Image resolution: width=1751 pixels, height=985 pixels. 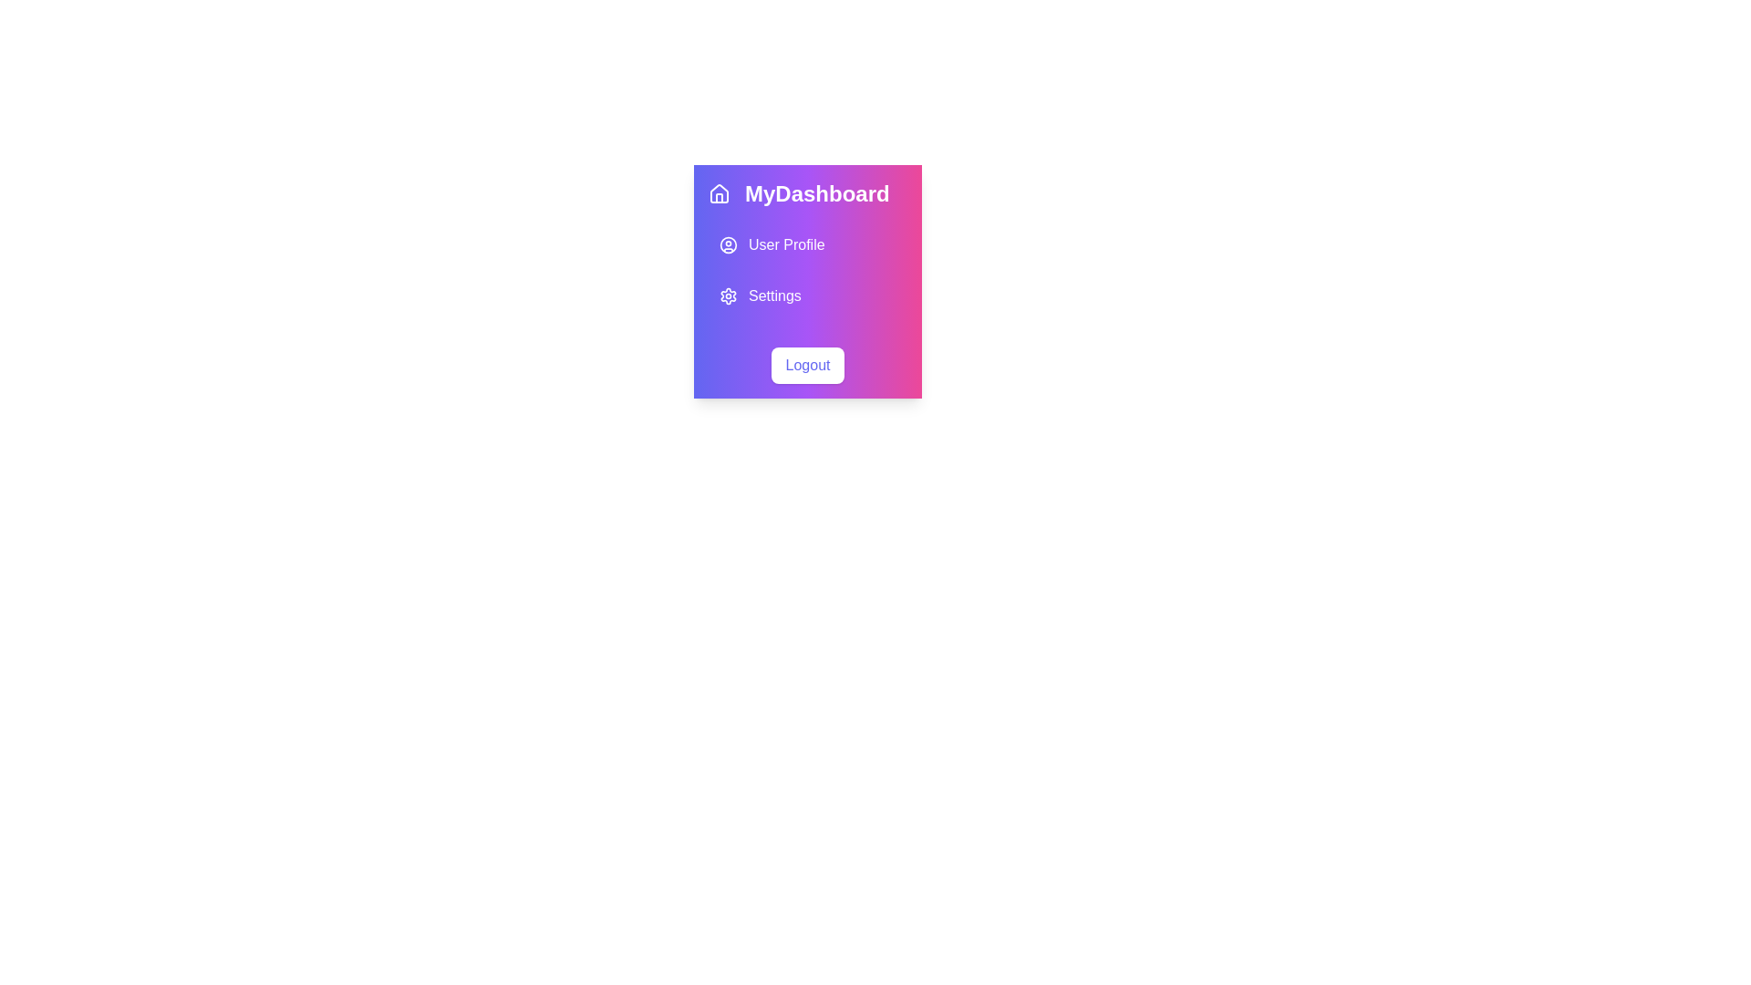 I want to click on the Sidebar Menu located in the top-left corner of the UI, so click(x=807, y=281).